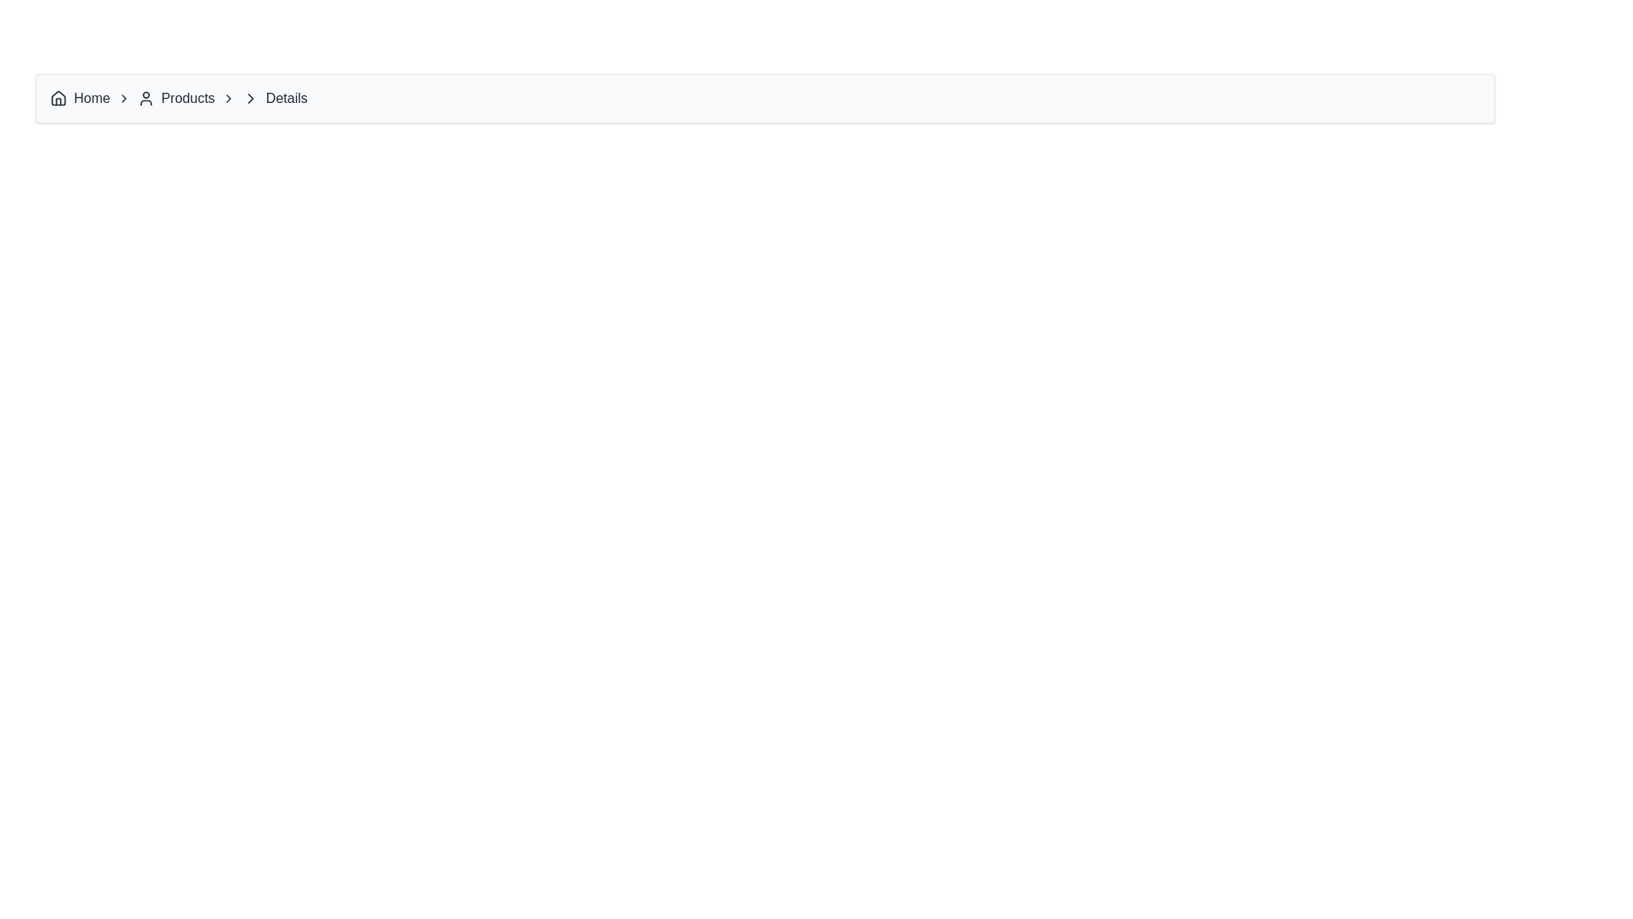 The height and width of the screenshot is (919, 1633). What do you see at coordinates (188, 98) in the screenshot?
I see `the text label displaying 'Products' in the breadcrumb navigation bar, which is styled in bold, sans-serif font and follows the 'Home' label` at bounding box center [188, 98].